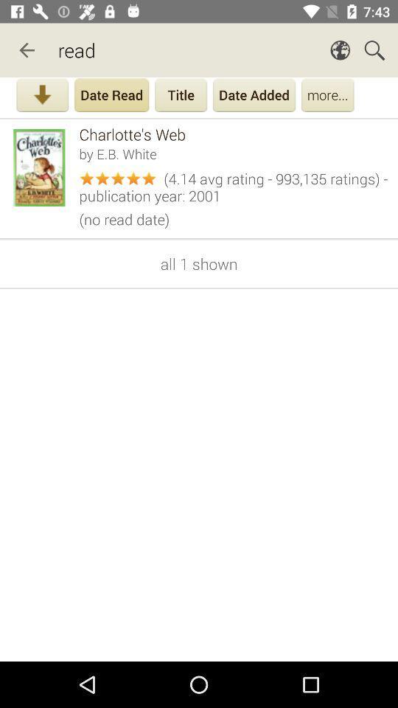 The width and height of the screenshot is (398, 708). What do you see at coordinates (42, 96) in the screenshot?
I see `item next to date read item` at bounding box center [42, 96].